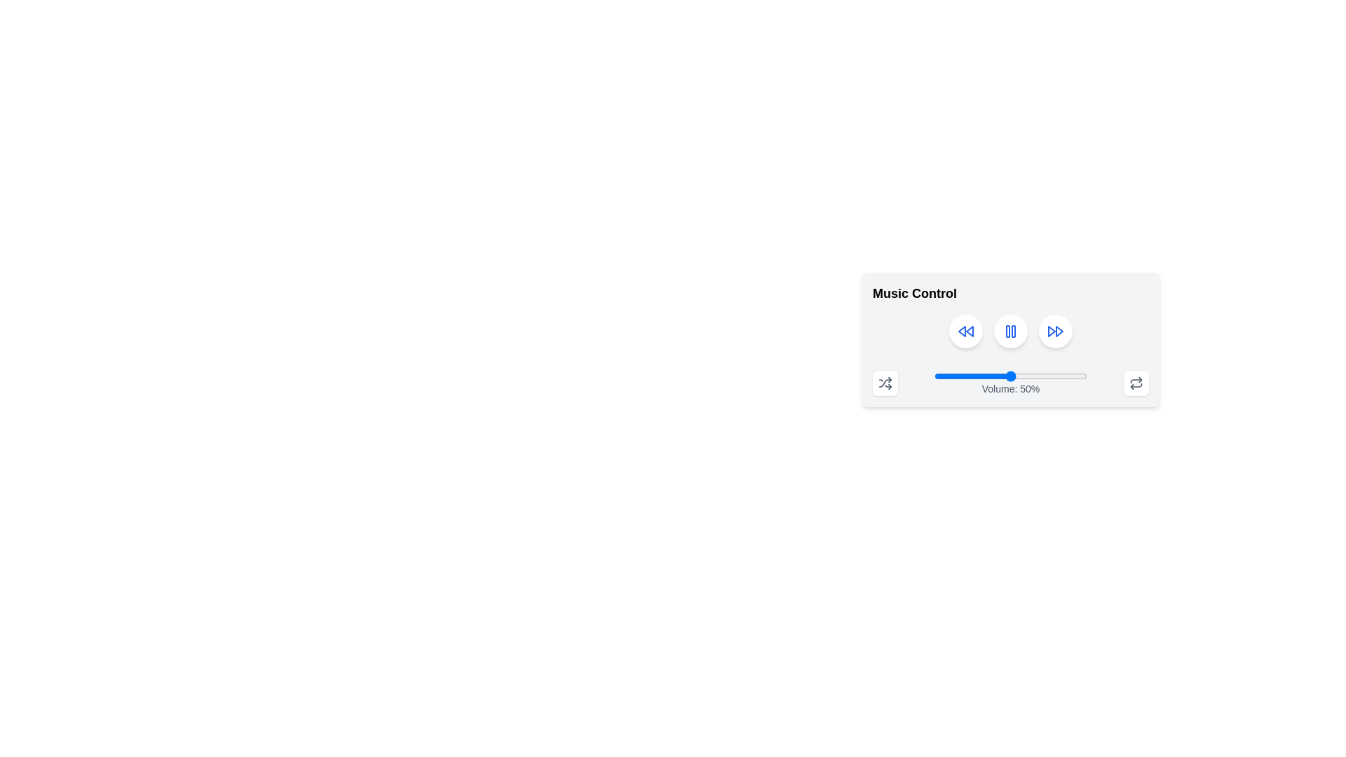  Describe the element at coordinates (1136, 383) in the screenshot. I see `the repeat icon button, which is styled in gray and located at the bottom right corner of the music control panel` at that location.